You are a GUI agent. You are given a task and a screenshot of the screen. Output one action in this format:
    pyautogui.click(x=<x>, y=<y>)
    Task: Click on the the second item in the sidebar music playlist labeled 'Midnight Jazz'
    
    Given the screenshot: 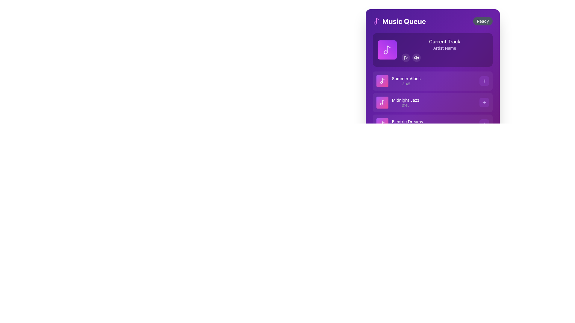 What is the action you would take?
    pyautogui.click(x=398, y=102)
    